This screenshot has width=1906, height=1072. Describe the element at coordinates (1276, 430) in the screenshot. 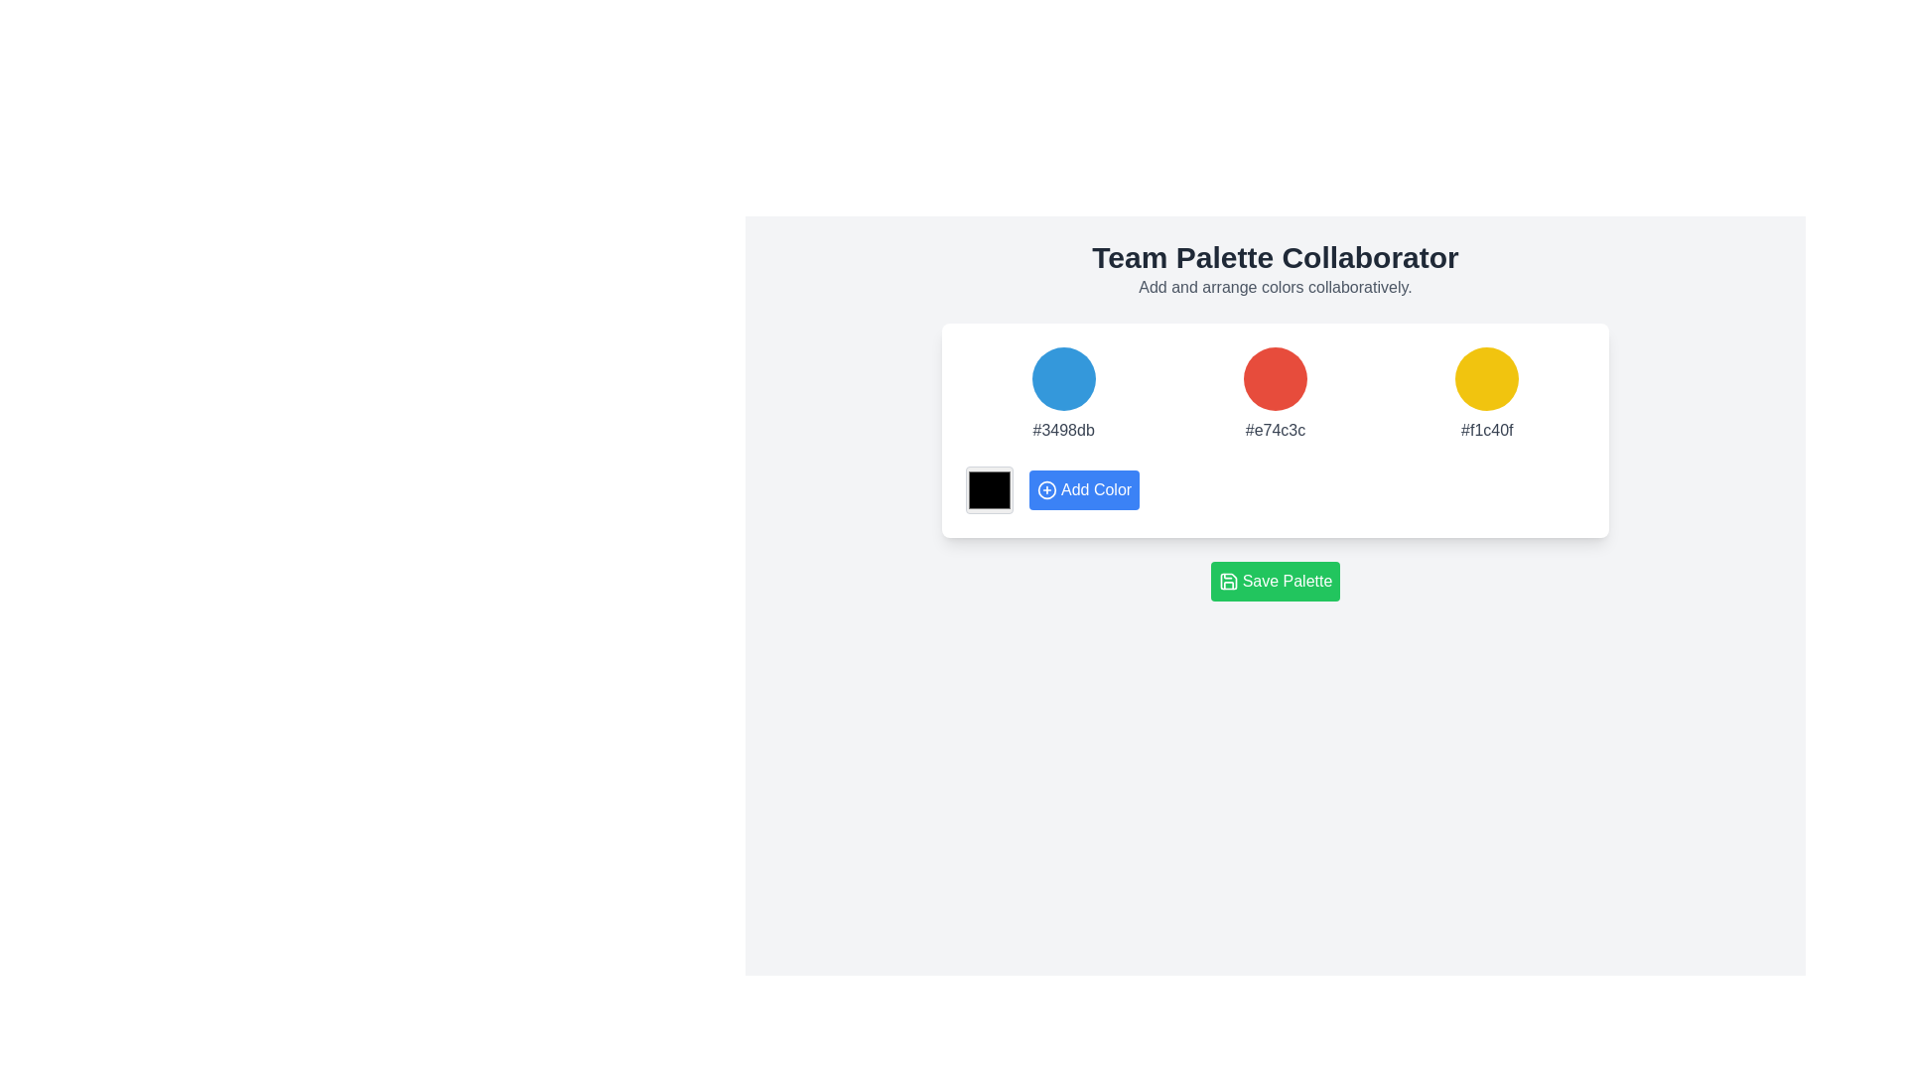

I see `the label displaying the hexadecimal color code '#e74c3c', which is styled in gray (#666666) and positioned beneath a red circular swatch` at that location.